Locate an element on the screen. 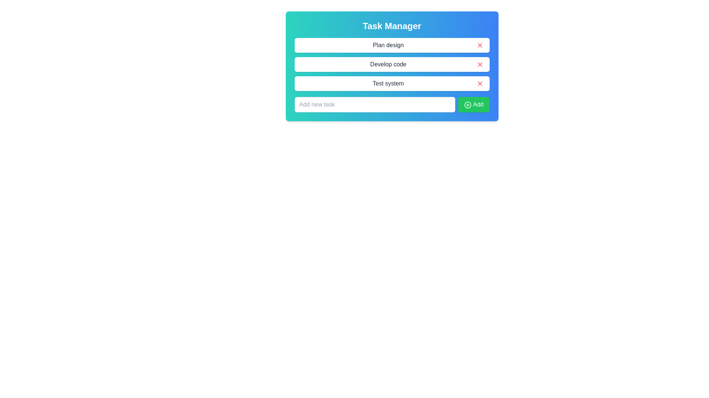 This screenshot has width=709, height=398. the 'X' button next to the task labeled Test system to remove it is located at coordinates (480, 83).